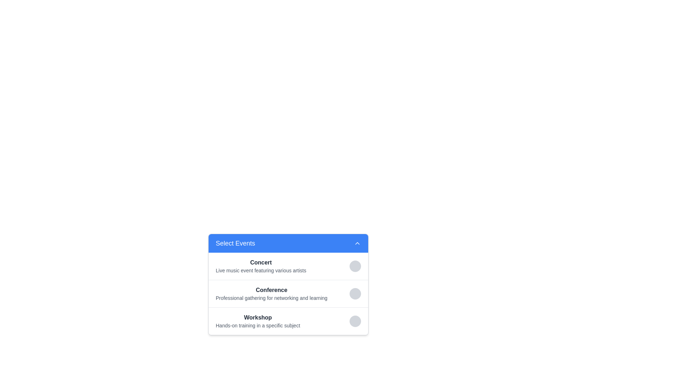 The image size is (687, 386). What do you see at coordinates (355, 293) in the screenshot?
I see `the button located to the right side of the 'Conference' event in the vertical list of event options` at bounding box center [355, 293].